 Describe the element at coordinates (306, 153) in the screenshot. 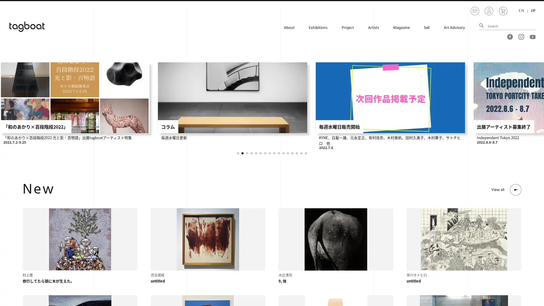

I see `Go to slide 16` at that location.